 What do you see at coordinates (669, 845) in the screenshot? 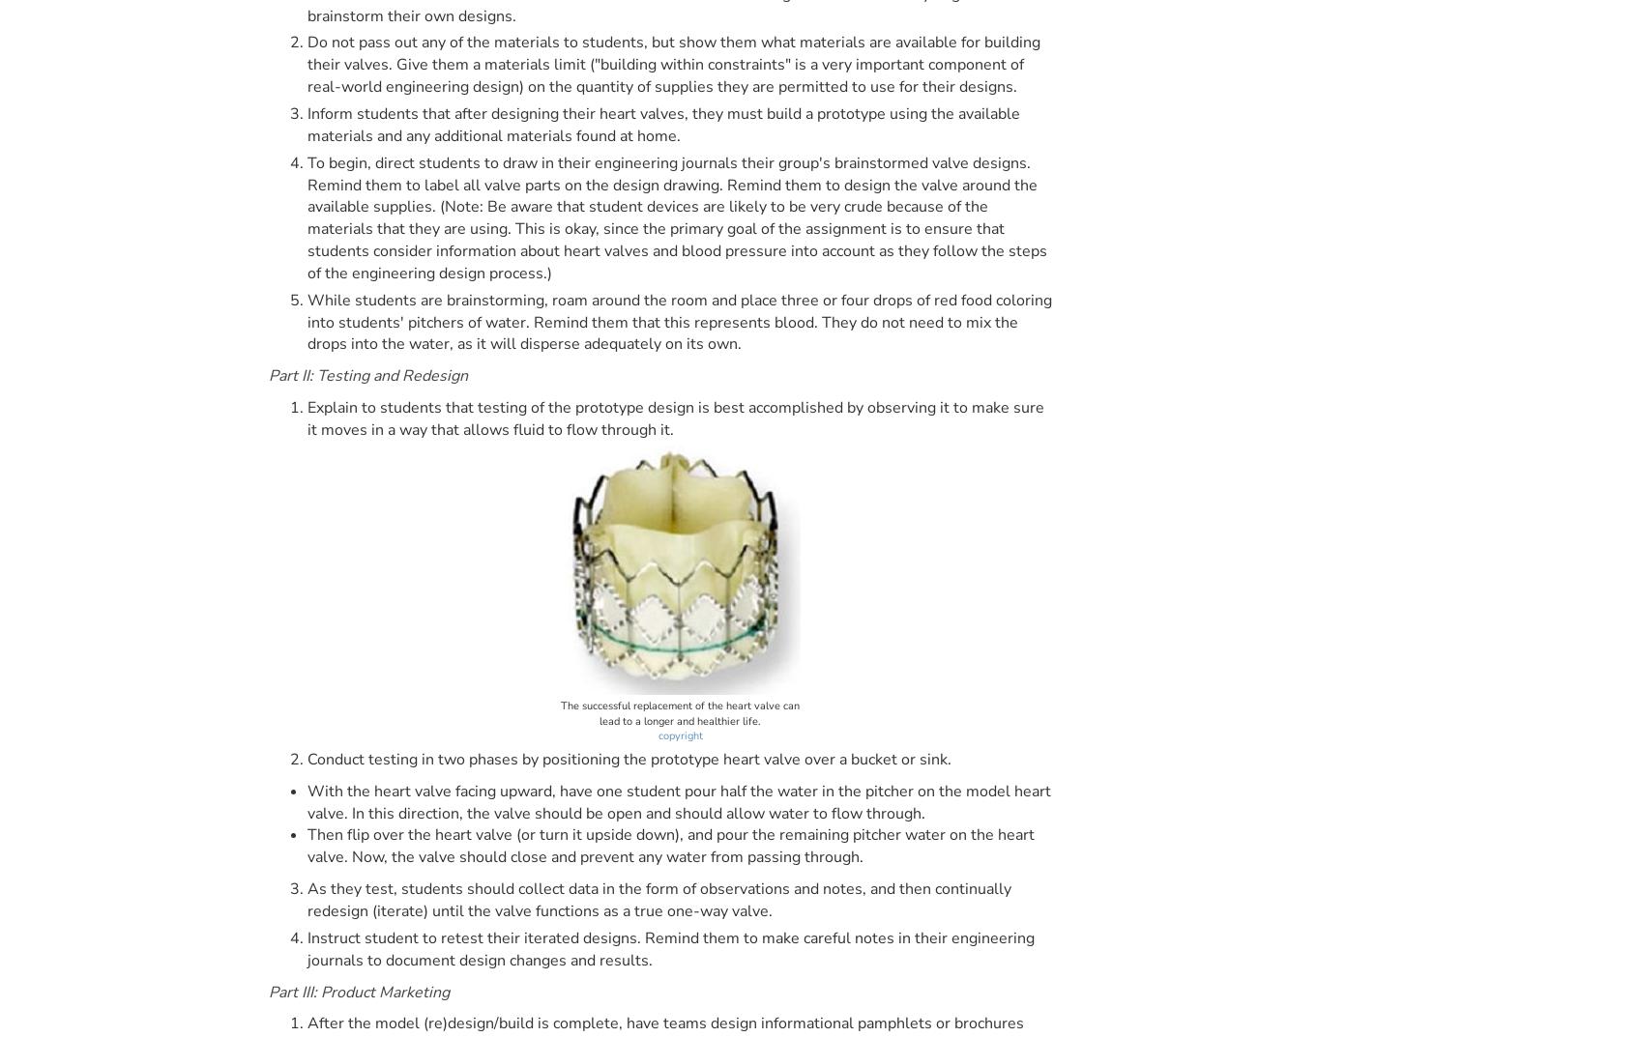
I see `'Then flip over the heart valve (or turn it upside down), and pour the remaining pitcher water on the heart valve. Now, the valve should close and prevent any water from passing through.'` at bounding box center [669, 845].